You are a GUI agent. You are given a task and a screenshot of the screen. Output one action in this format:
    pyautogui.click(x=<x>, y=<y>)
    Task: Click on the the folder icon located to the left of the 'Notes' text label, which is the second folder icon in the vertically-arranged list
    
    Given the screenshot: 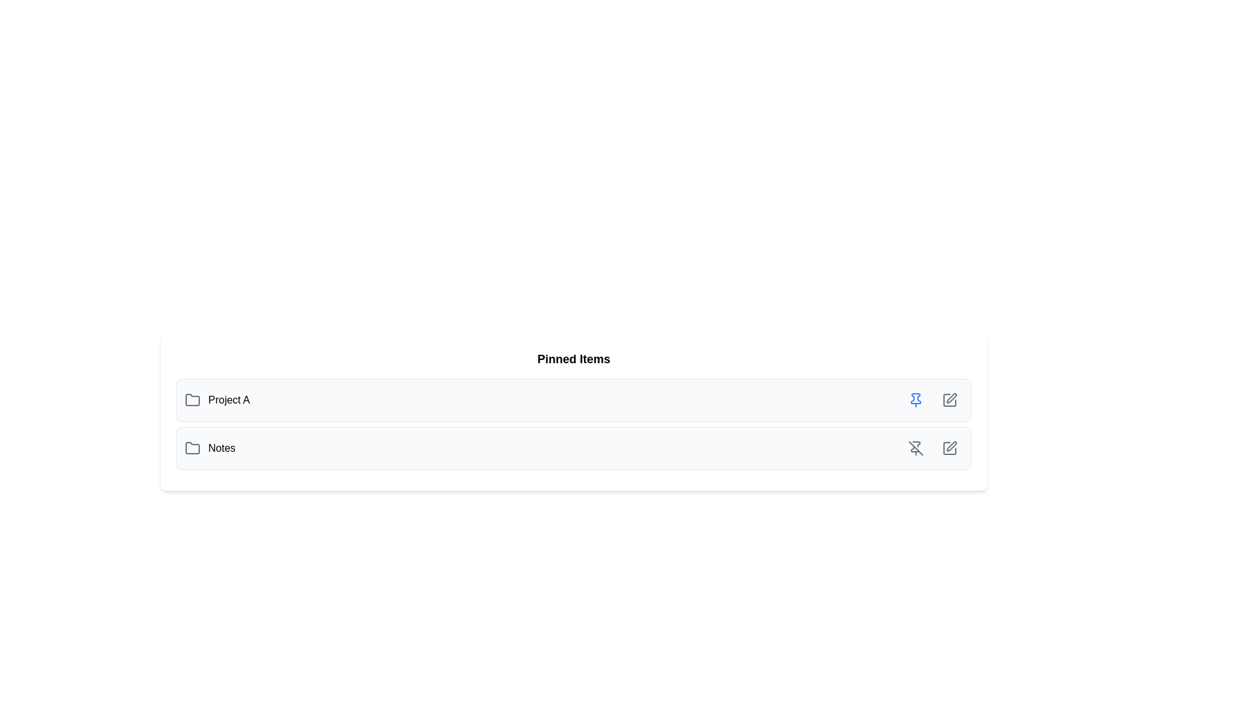 What is the action you would take?
    pyautogui.click(x=192, y=447)
    